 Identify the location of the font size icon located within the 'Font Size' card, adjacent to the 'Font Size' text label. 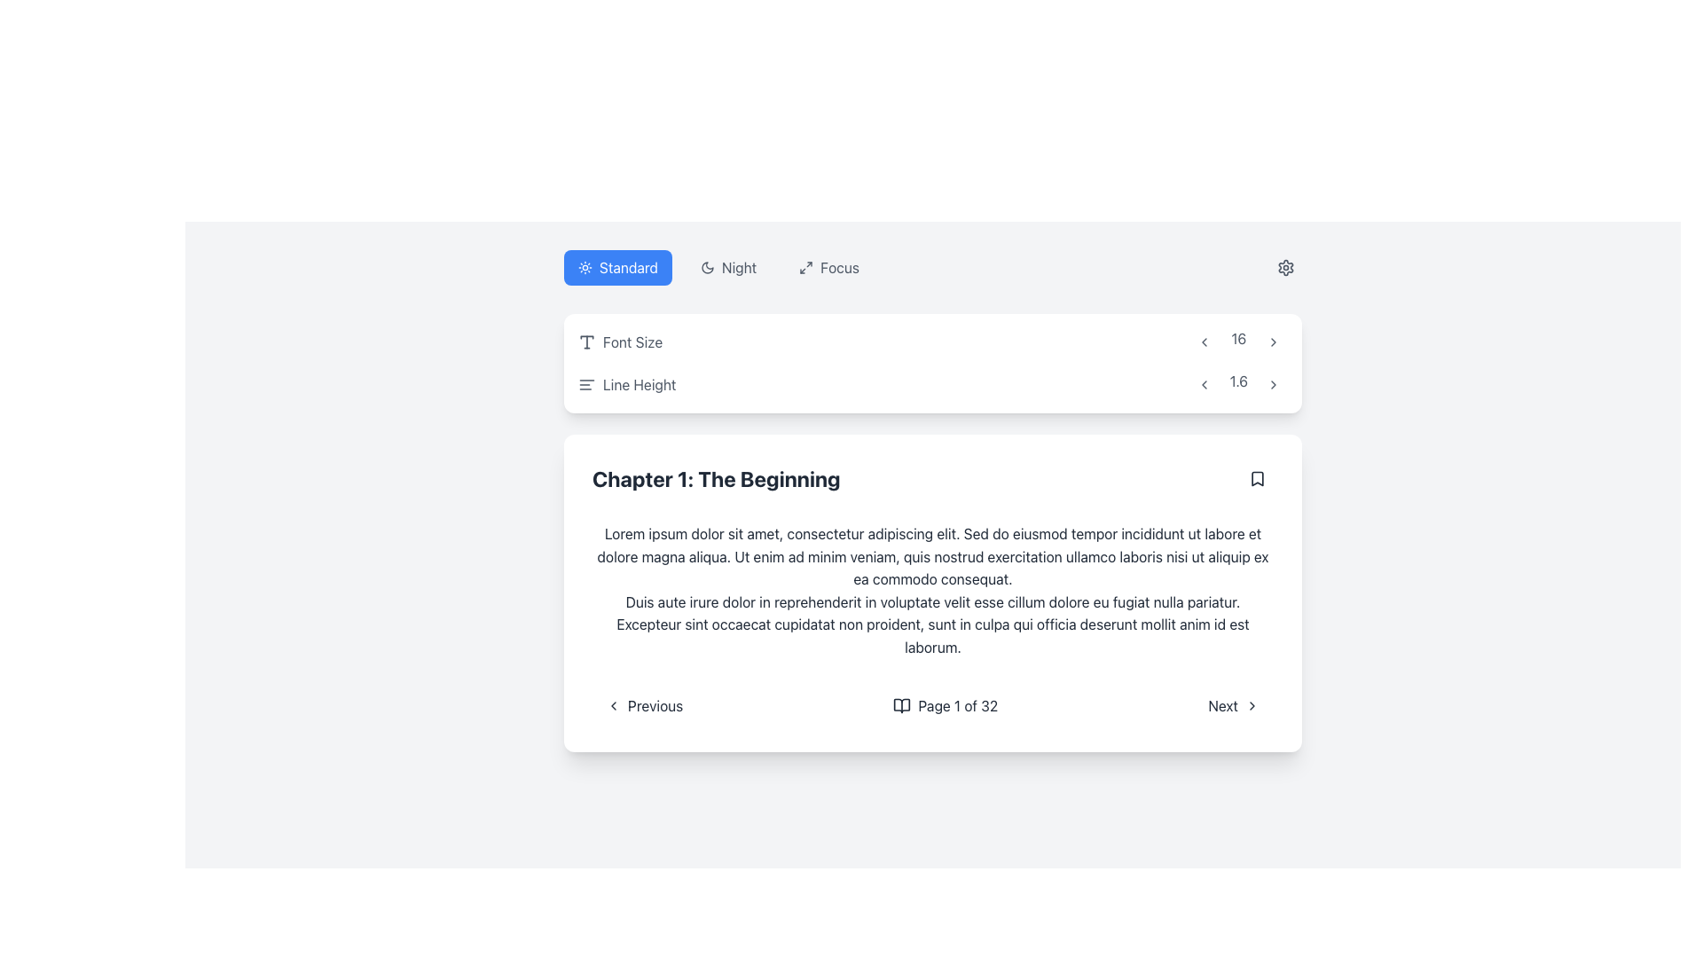
(587, 342).